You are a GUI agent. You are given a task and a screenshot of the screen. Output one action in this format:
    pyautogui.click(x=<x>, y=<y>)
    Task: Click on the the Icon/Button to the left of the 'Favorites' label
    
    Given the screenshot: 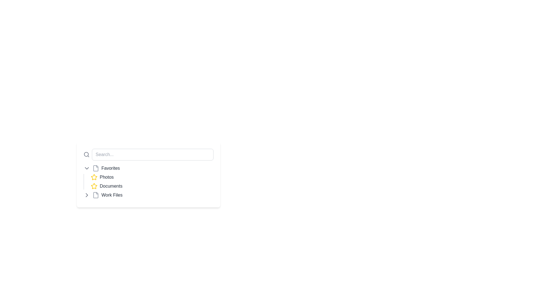 What is the action you would take?
    pyautogui.click(x=87, y=168)
    